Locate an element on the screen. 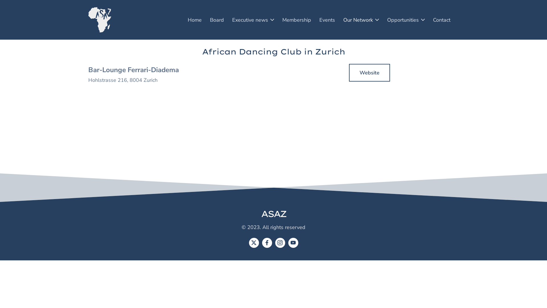  'Membership' is located at coordinates (296, 19).